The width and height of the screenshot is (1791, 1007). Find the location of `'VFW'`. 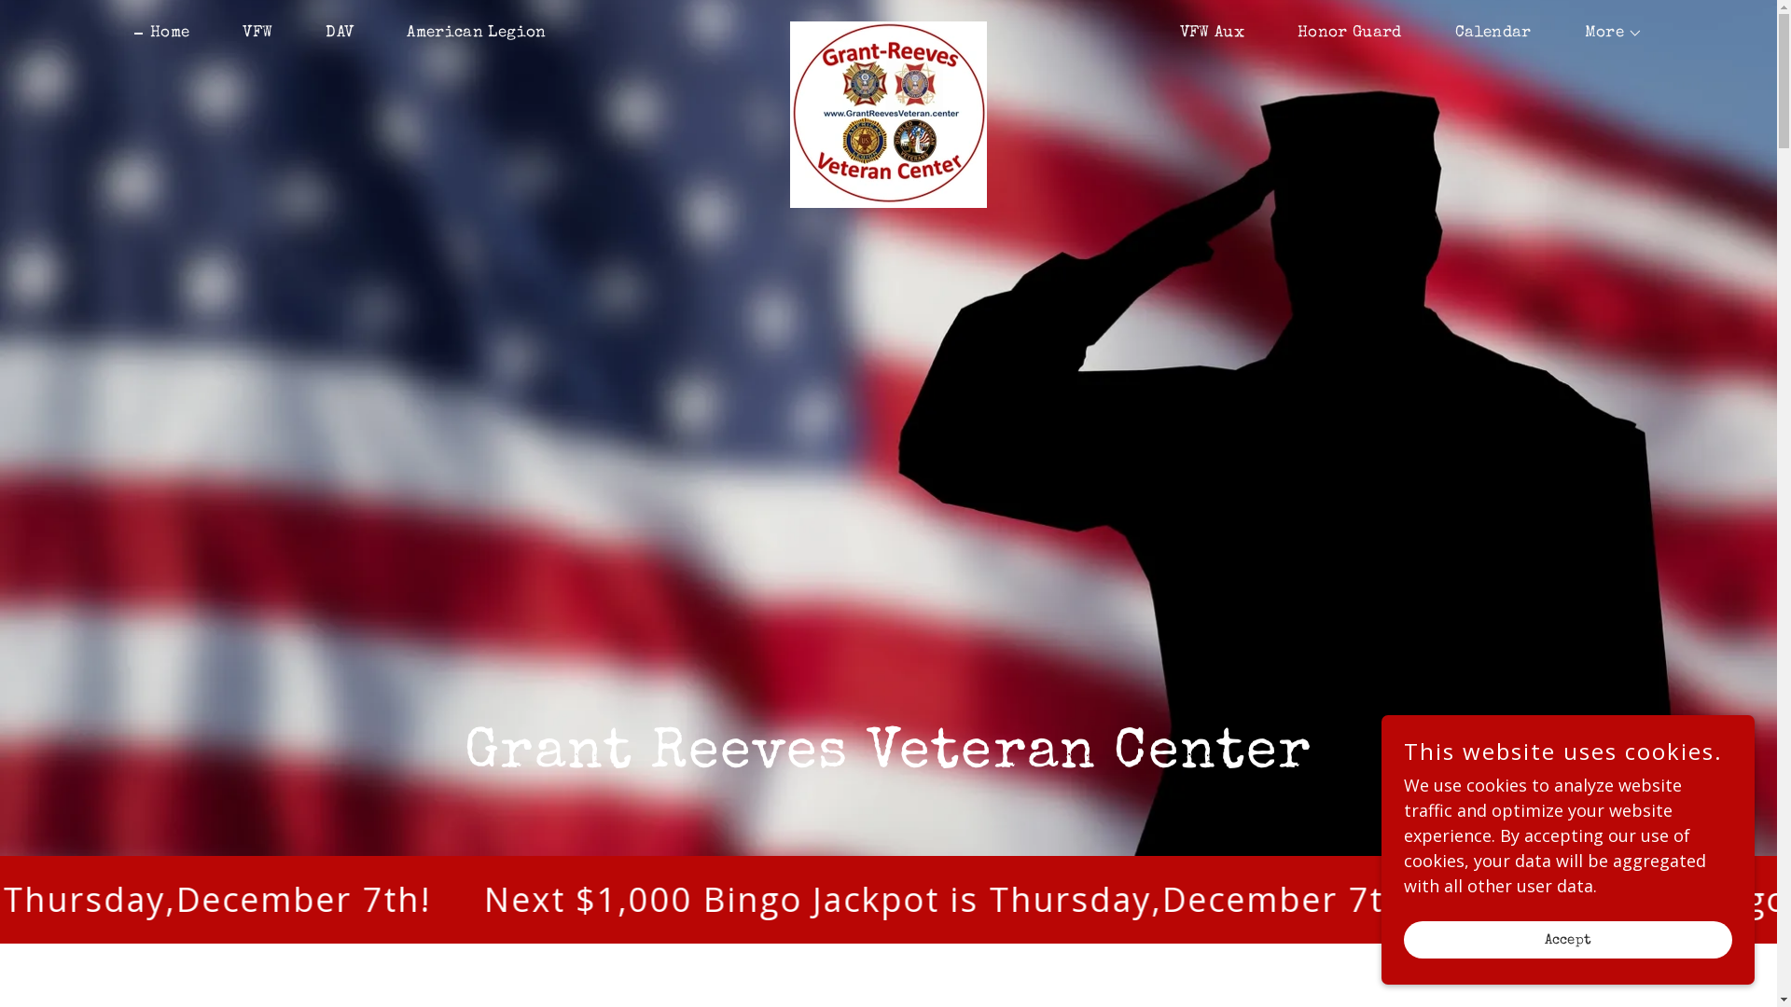

'VFW' is located at coordinates (248, 33).